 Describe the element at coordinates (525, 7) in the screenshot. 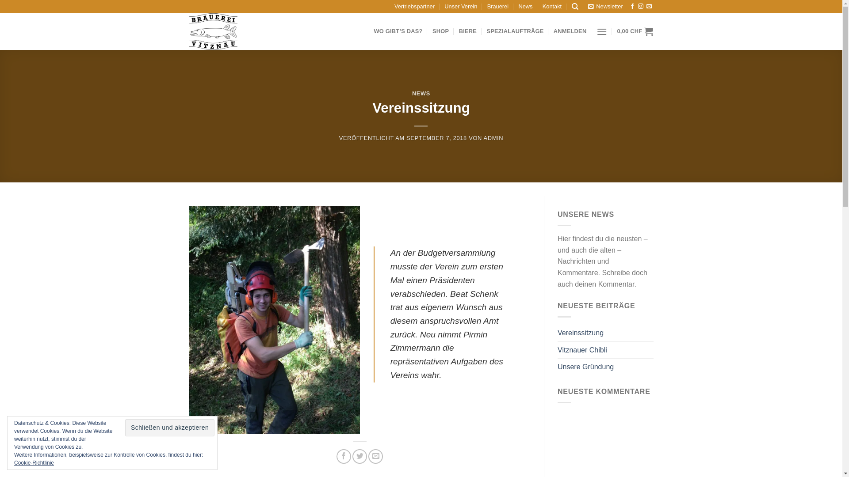

I see `'News'` at that location.